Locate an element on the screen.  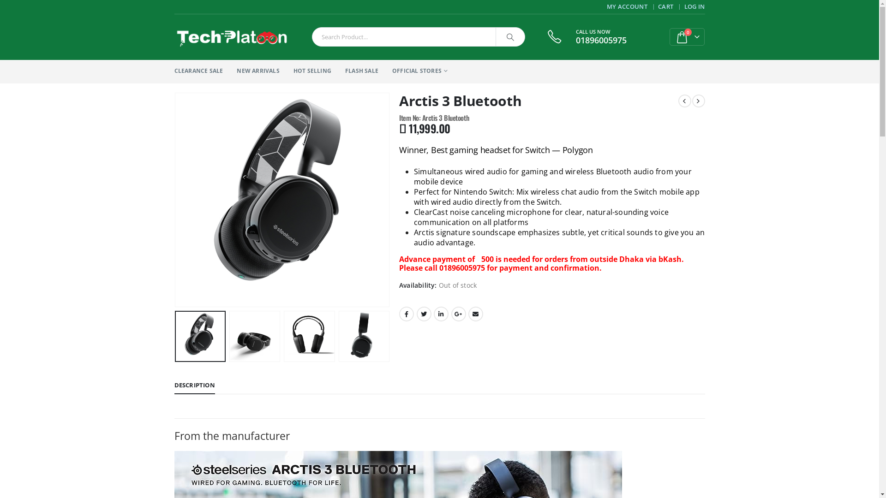
'OFFICIAL STORES' is located at coordinates (419, 71).